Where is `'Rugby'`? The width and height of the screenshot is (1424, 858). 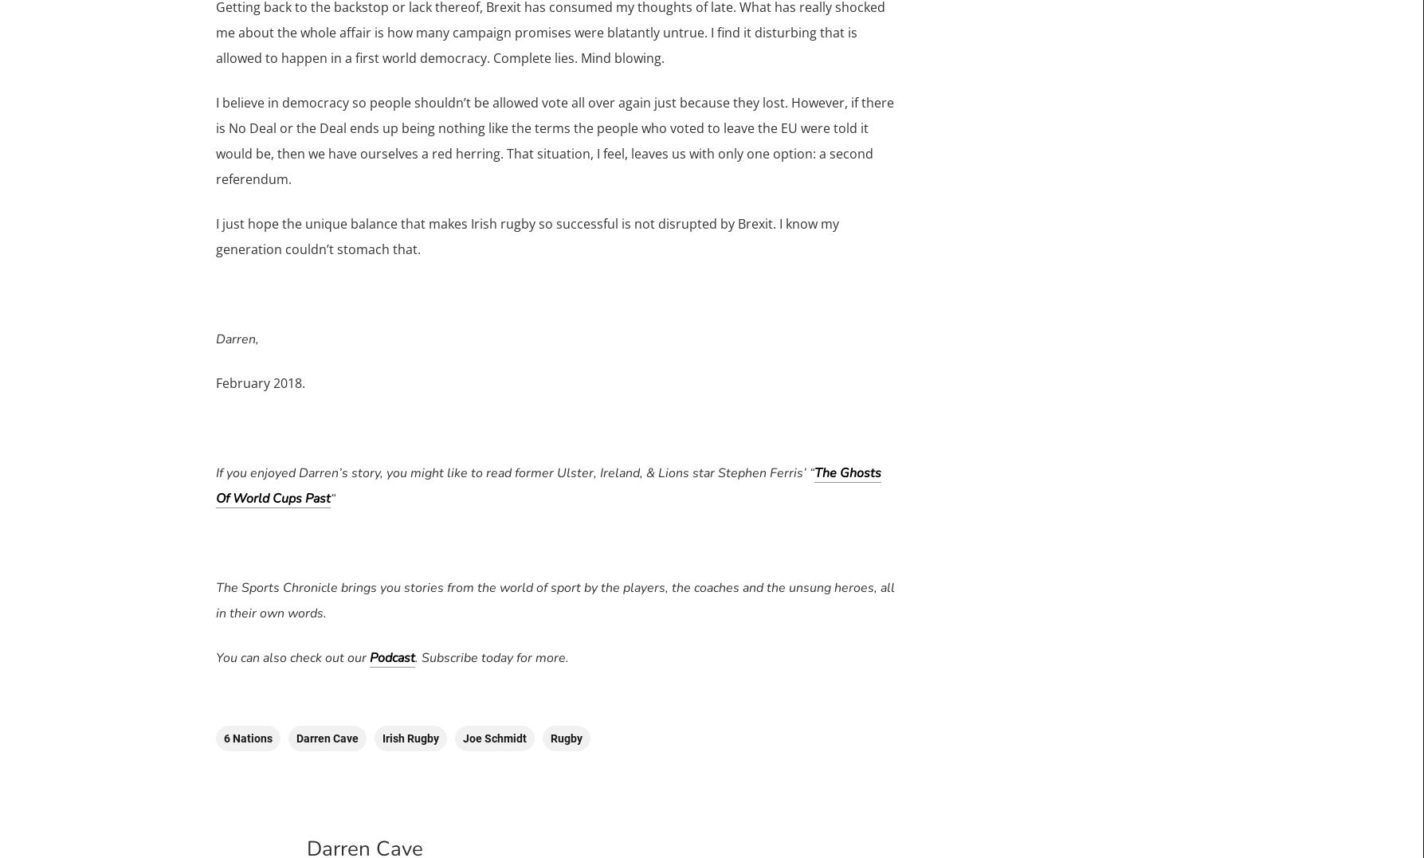 'Rugby' is located at coordinates (564, 737).